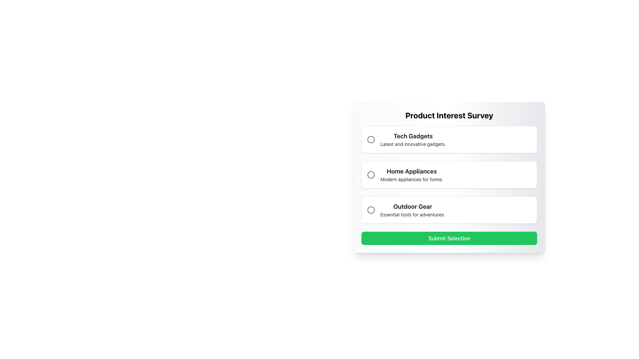 The image size is (639, 359). Describe the element at coordinates (412, 214) in the screenshot. I see `the descriptive text label providing additional information about the 'Outdoor Gear' option in the product interest survey, located directly below the 'Outdoor Gear' heading` at that location.